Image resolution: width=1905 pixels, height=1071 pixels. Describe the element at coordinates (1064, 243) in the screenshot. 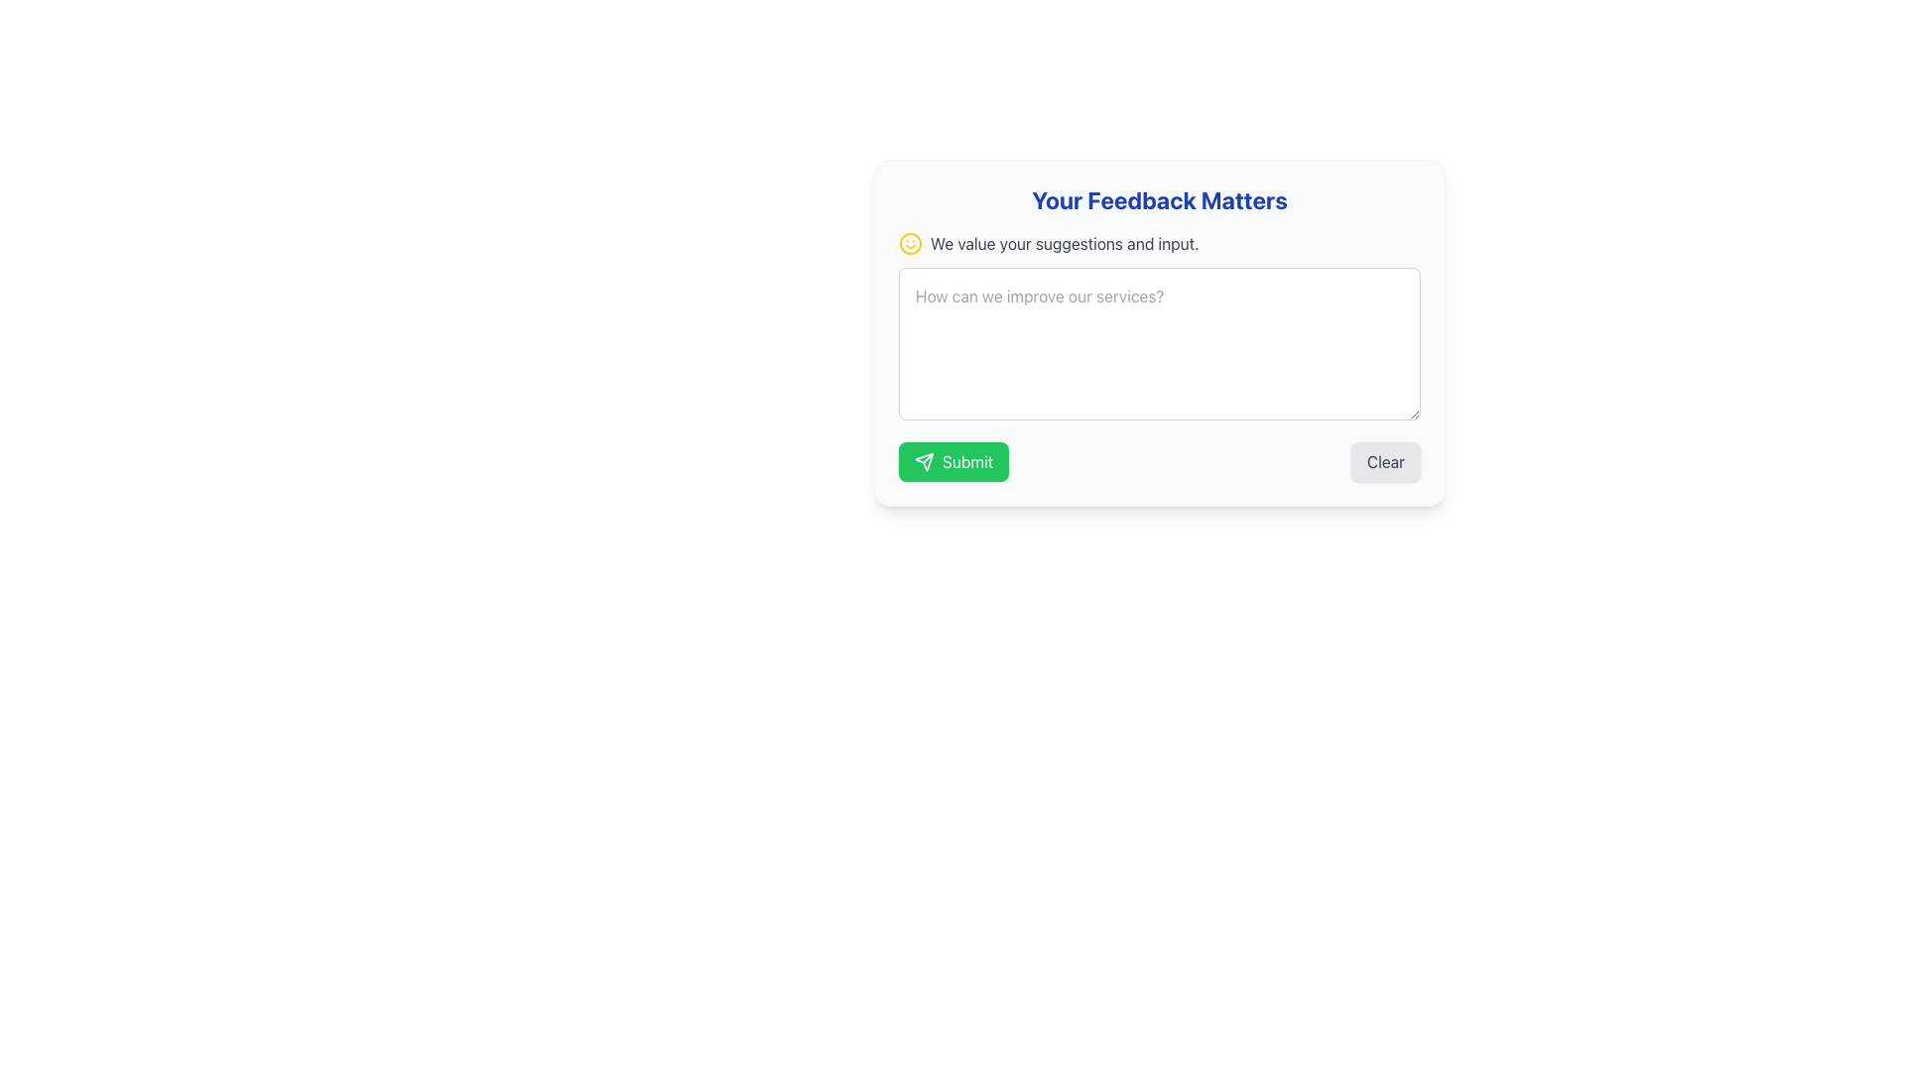

I see `the static text label that encourages users to provide suggestions or feedback, located beneath the header 'Your Feedback Matters' and to the right of a yellow smiling emoji` at that location.